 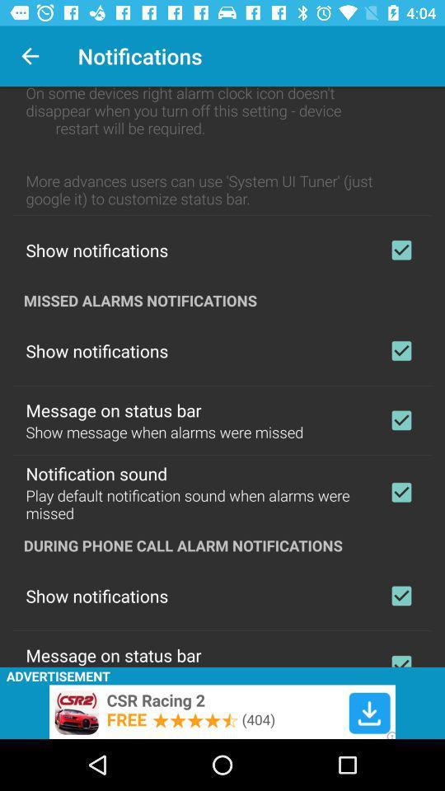 I want to click on advertisement, so click(x=222, y=711).